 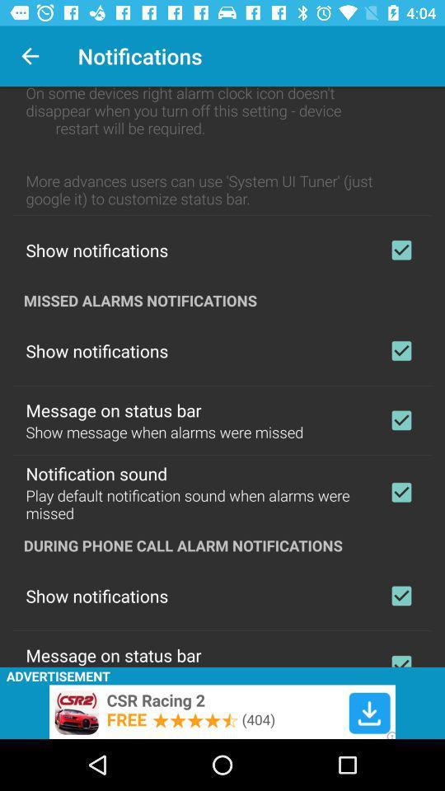 I want to click on advertisement, so click(x=222, y=711).